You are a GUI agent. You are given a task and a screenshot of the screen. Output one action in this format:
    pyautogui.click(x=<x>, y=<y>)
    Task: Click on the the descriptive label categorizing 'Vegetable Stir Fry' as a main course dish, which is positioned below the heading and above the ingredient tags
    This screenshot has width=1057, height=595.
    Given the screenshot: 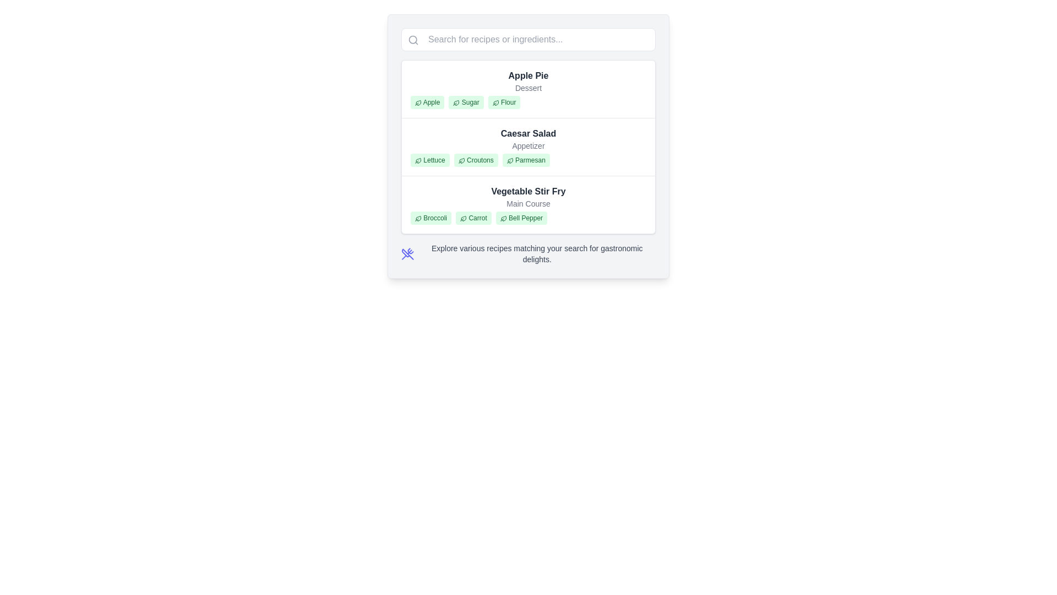 What is the action you would take?
    pyautogui.click(x=528, y=204)
    